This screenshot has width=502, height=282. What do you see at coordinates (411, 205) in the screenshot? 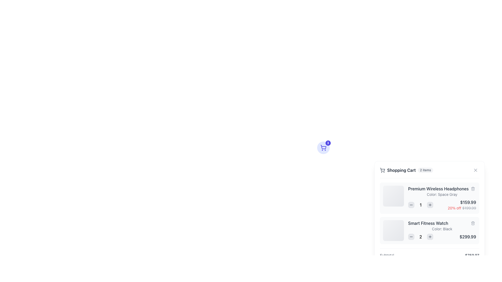
I see `the Decrement Button (Minus Icon Button) located to the left of the quantity input field in the shopping cart interface` at bounding box center [411, 205].